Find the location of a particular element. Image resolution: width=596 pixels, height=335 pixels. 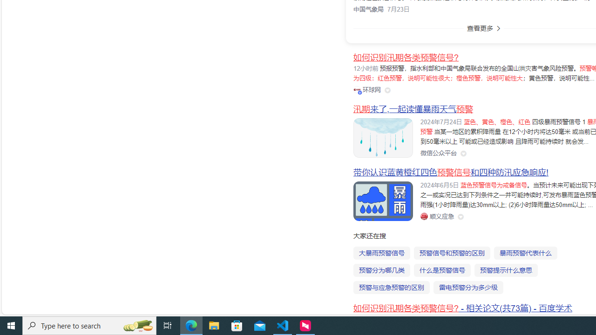

'Class: siteLink_9TPP3' is located at coordinates (436, 216).